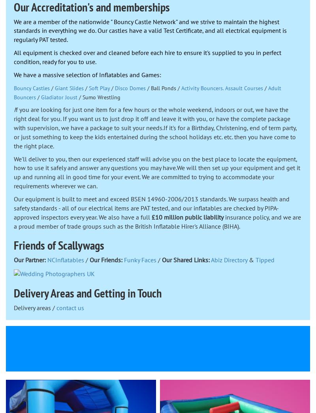  Describe the element at coordinates (147, 92) in the screenshot. I see `'Adult Bouncers'` at that location.